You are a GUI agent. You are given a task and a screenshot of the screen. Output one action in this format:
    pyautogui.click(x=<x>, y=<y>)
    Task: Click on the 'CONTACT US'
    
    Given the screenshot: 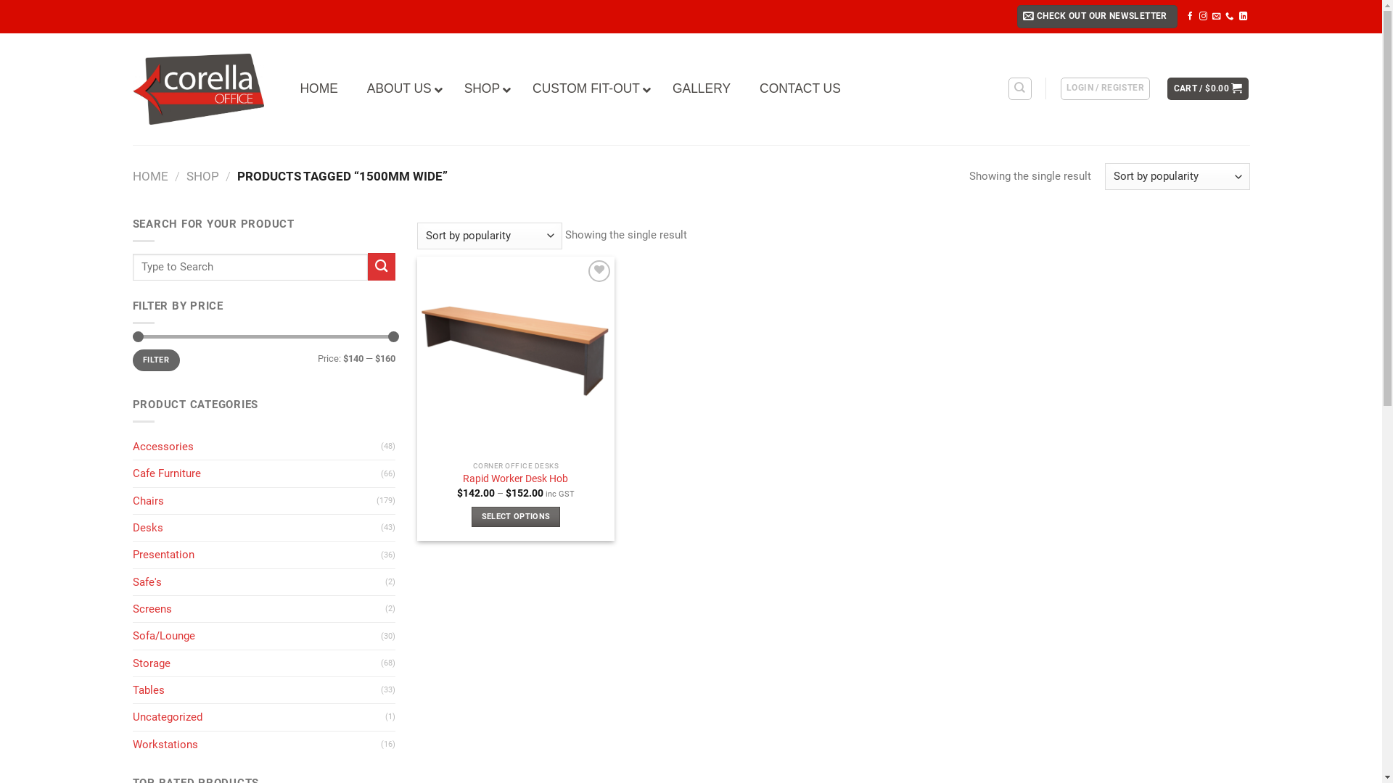 What is the action you would take?
    pyautogui.click(x=800, y=88)
    